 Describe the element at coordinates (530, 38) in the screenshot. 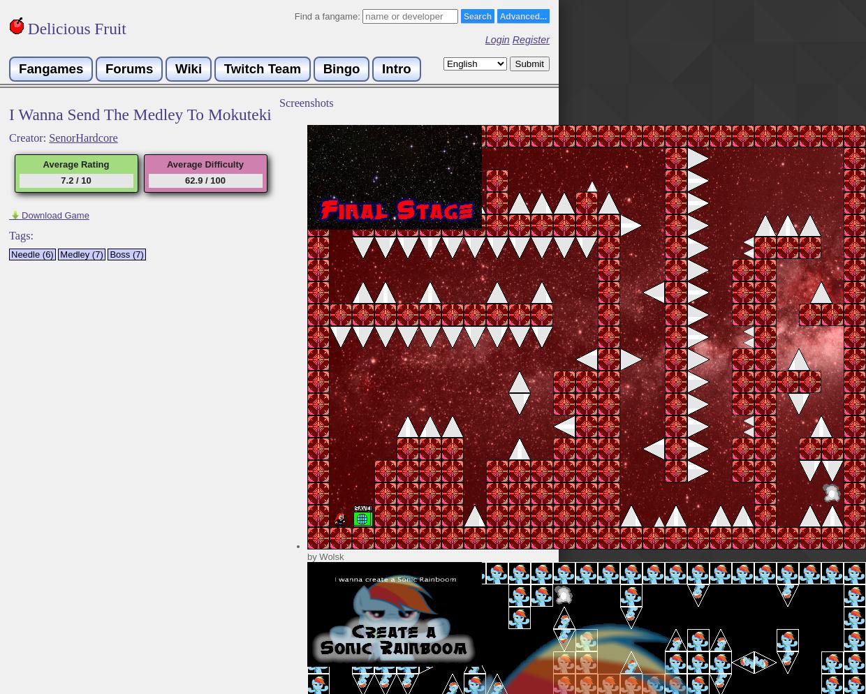

I see `'Register'` at that location.